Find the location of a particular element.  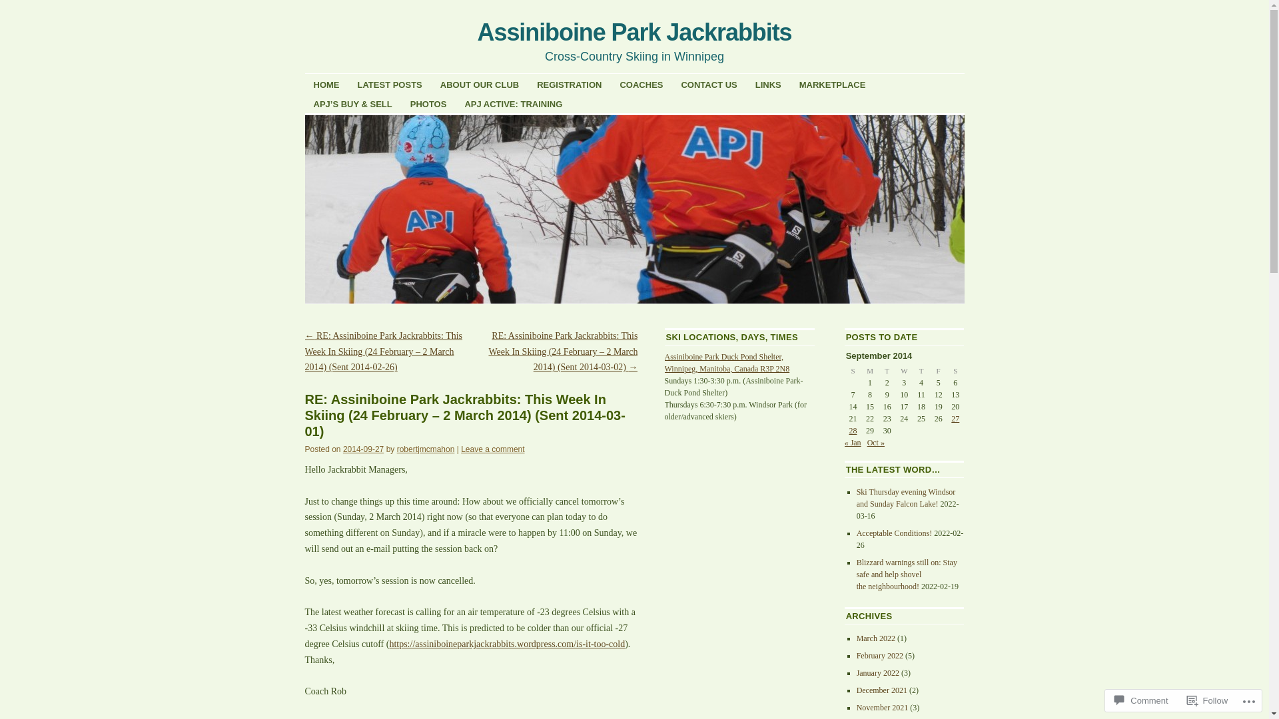

'robertjmcmahon' is located at coordinates (425, 449).